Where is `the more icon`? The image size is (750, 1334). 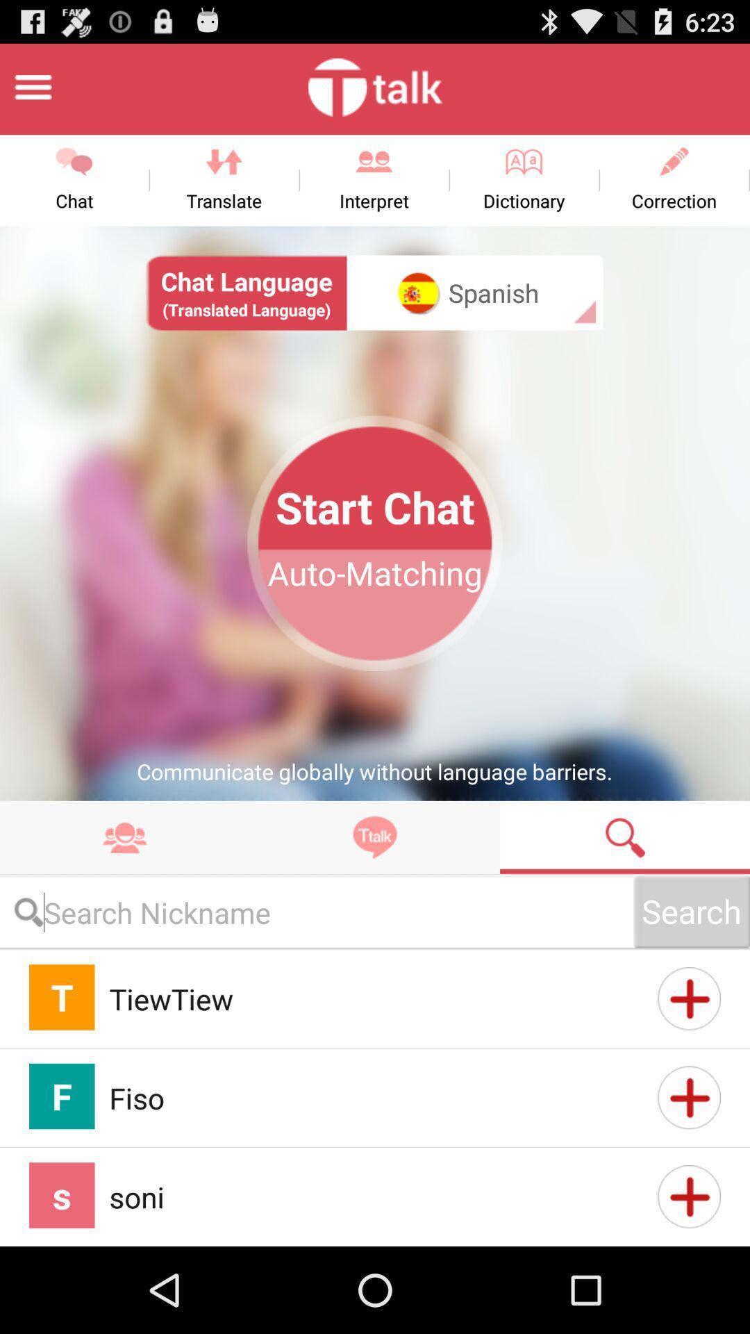 the more icon is located at coordinates (125, 896).